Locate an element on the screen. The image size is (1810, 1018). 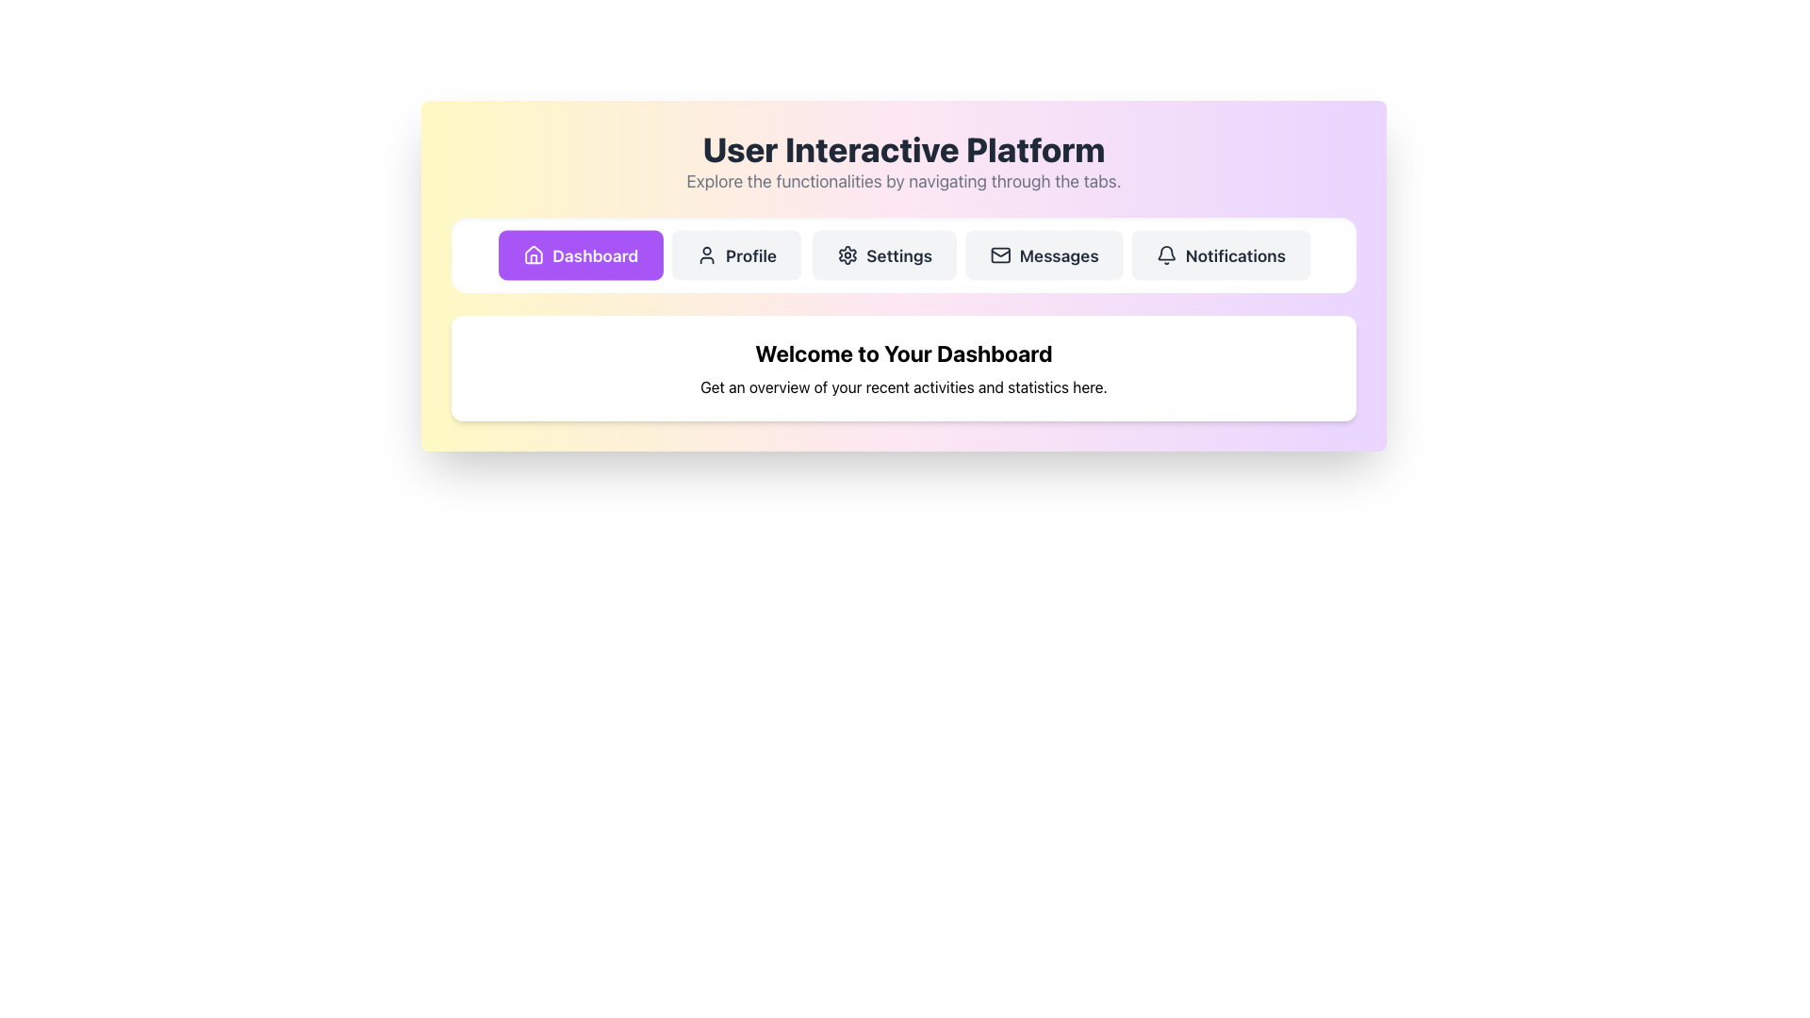
the 'Settings' tab in the Navigation bar is located at coordinates (903, 254).